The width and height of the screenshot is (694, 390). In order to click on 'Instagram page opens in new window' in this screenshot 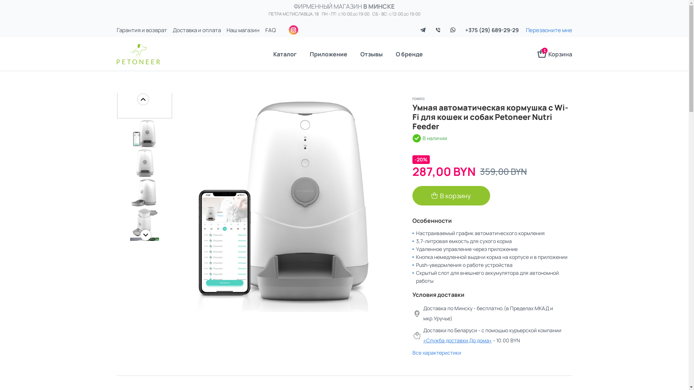, I will do `click(293, 30)`.